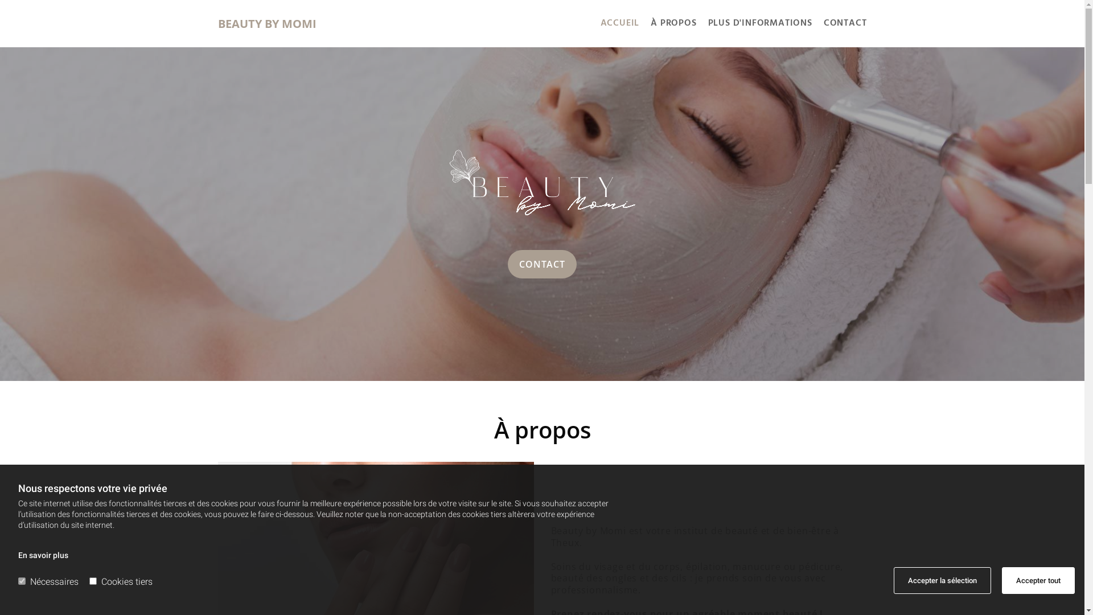 The width and height of the screenshot is (1093, 615). I want to click on 'Accepter tout', so click(1038, 580).